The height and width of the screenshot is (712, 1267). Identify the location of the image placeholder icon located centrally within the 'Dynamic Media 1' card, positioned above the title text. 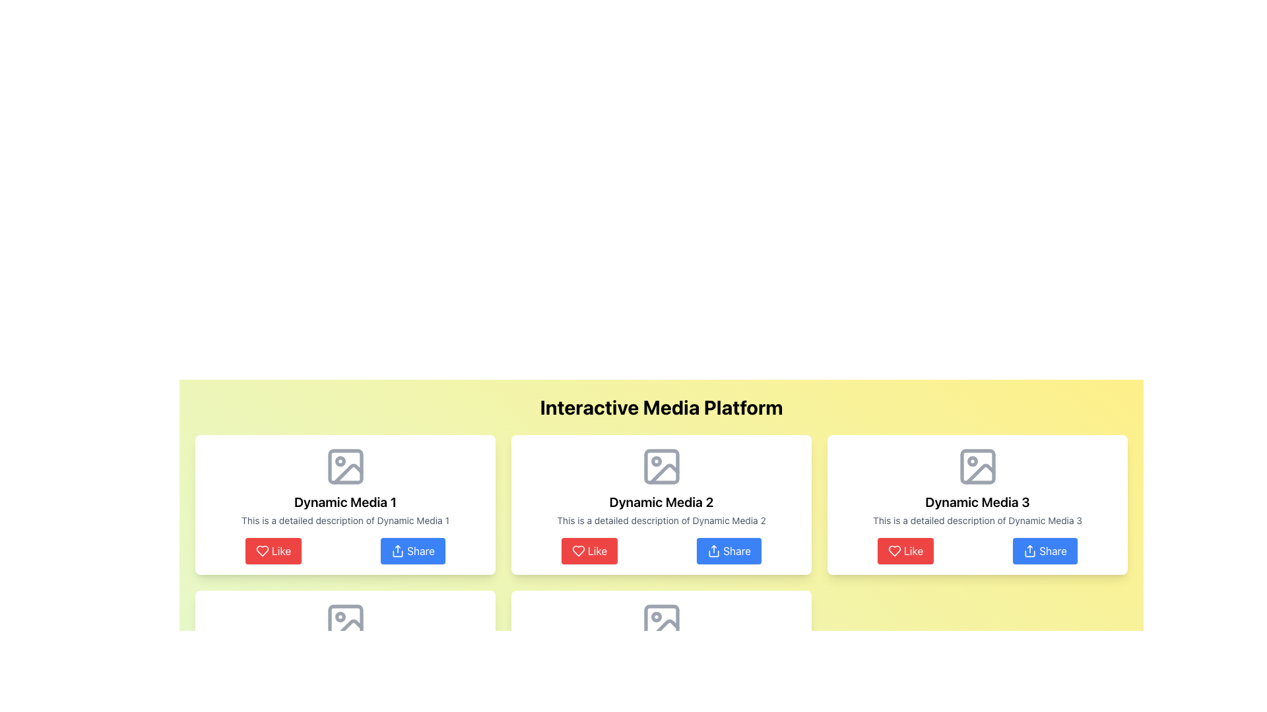
(345, 466).